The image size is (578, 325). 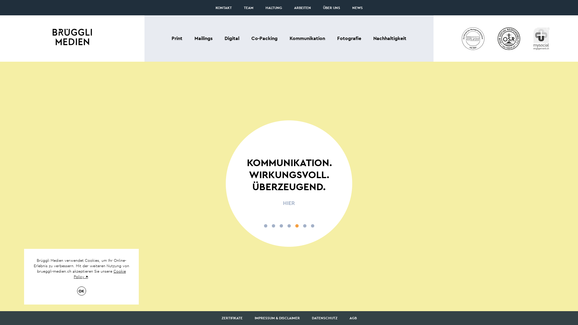 I want to click on 'ZERTIFIKATE', so click(x=232, y=317).